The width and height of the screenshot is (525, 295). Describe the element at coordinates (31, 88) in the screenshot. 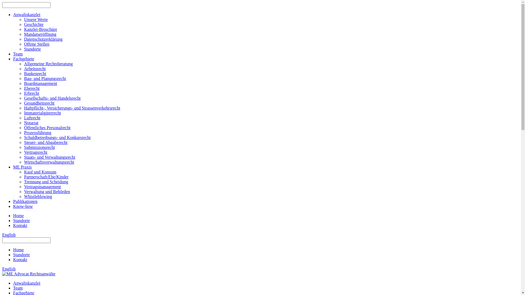

I see `'Eherecht'` at that location.